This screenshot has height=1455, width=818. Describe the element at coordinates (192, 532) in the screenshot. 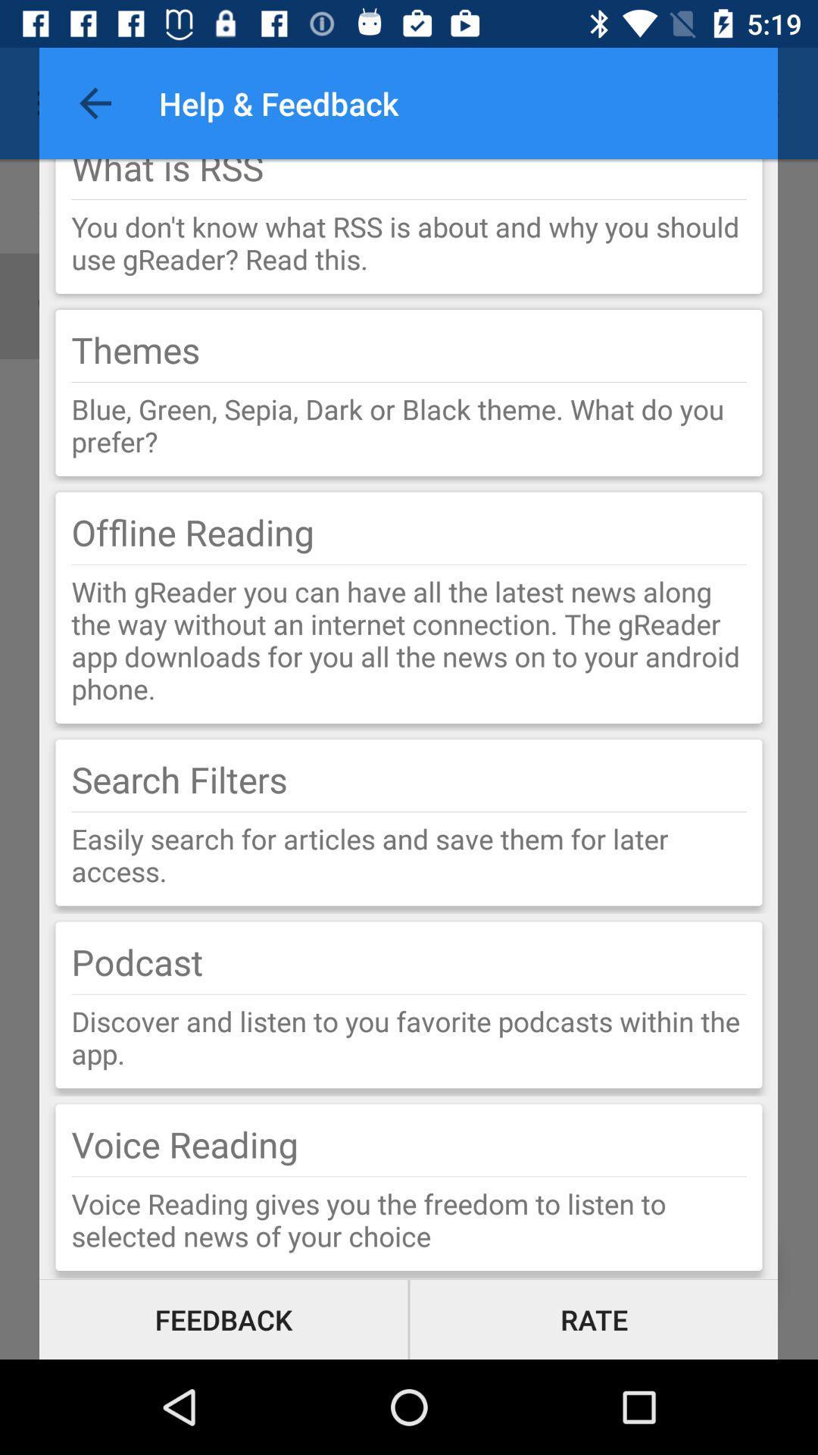

I see `the offline reading item` at that location.